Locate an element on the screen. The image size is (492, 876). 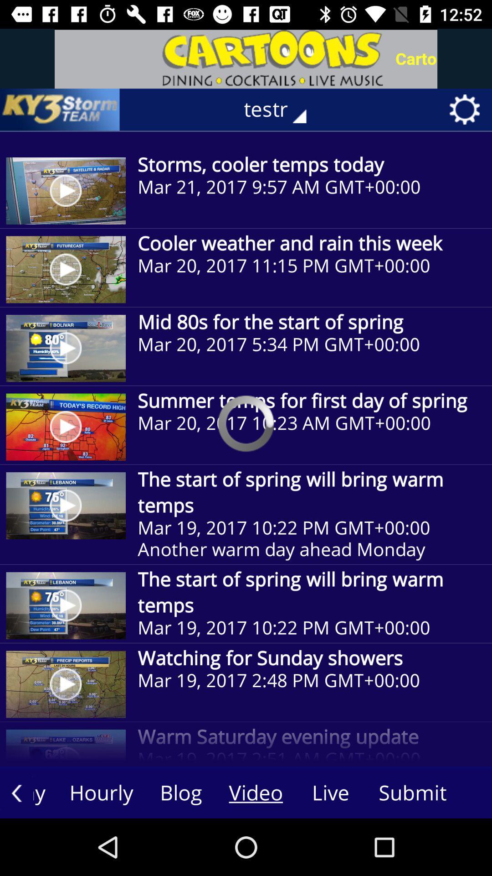
the video button on the web page is located at coordinates (256, 793).